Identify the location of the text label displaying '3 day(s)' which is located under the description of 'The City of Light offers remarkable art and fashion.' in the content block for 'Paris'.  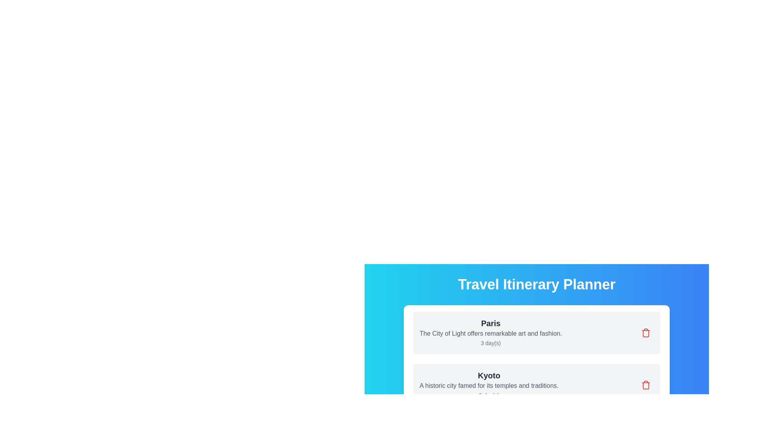
(490, 342).